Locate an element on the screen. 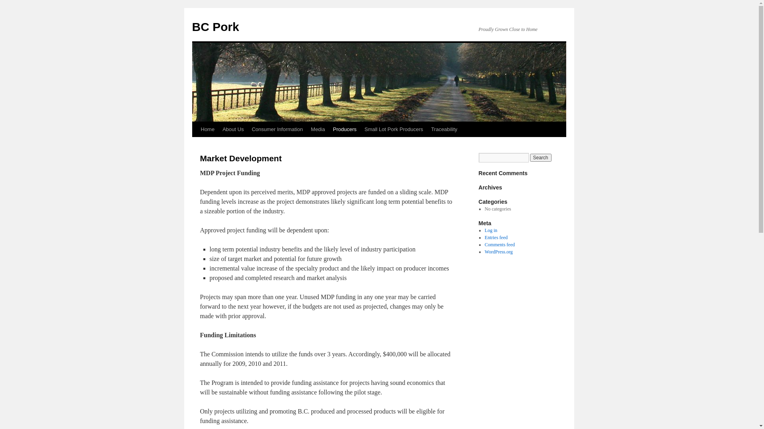 Image resolution: width=764 pixels, height=429 pixels. 'Home' is located at coordinates (207, 129).